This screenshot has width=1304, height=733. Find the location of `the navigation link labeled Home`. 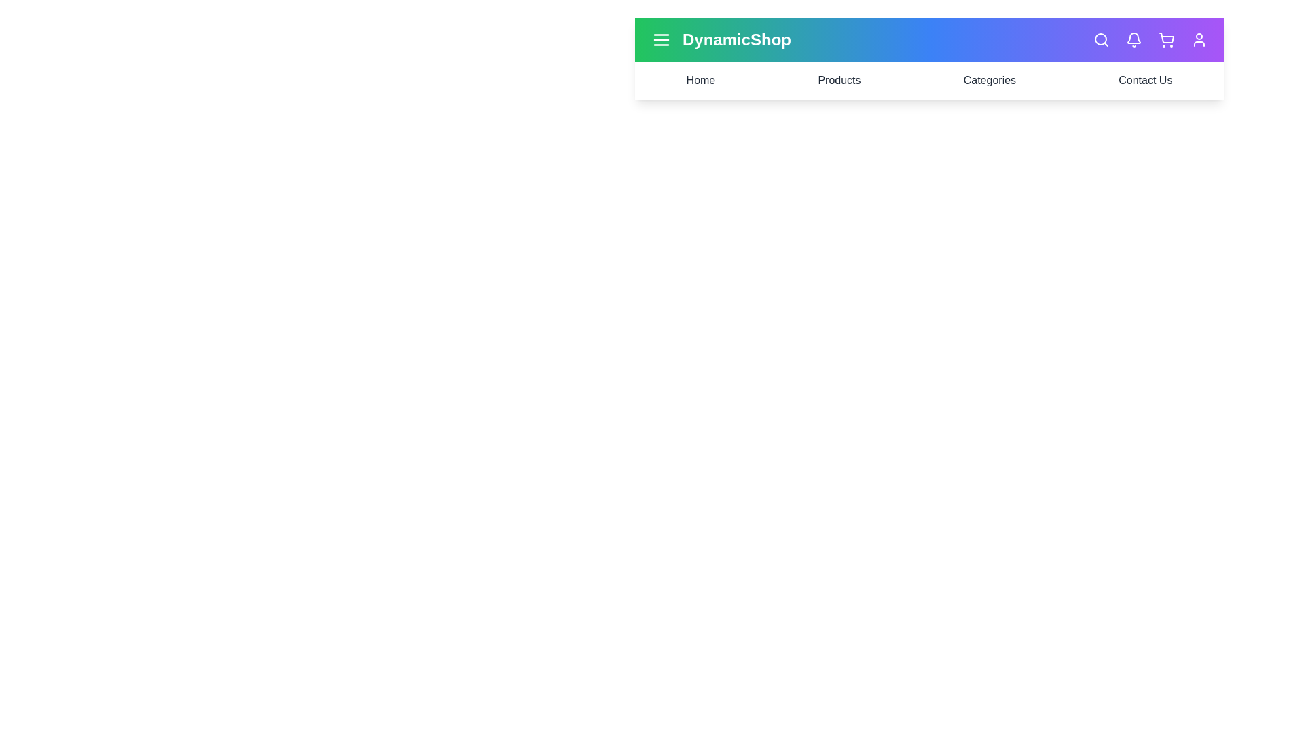

the navigation link labeled Home is located at coordinates (701, 81).